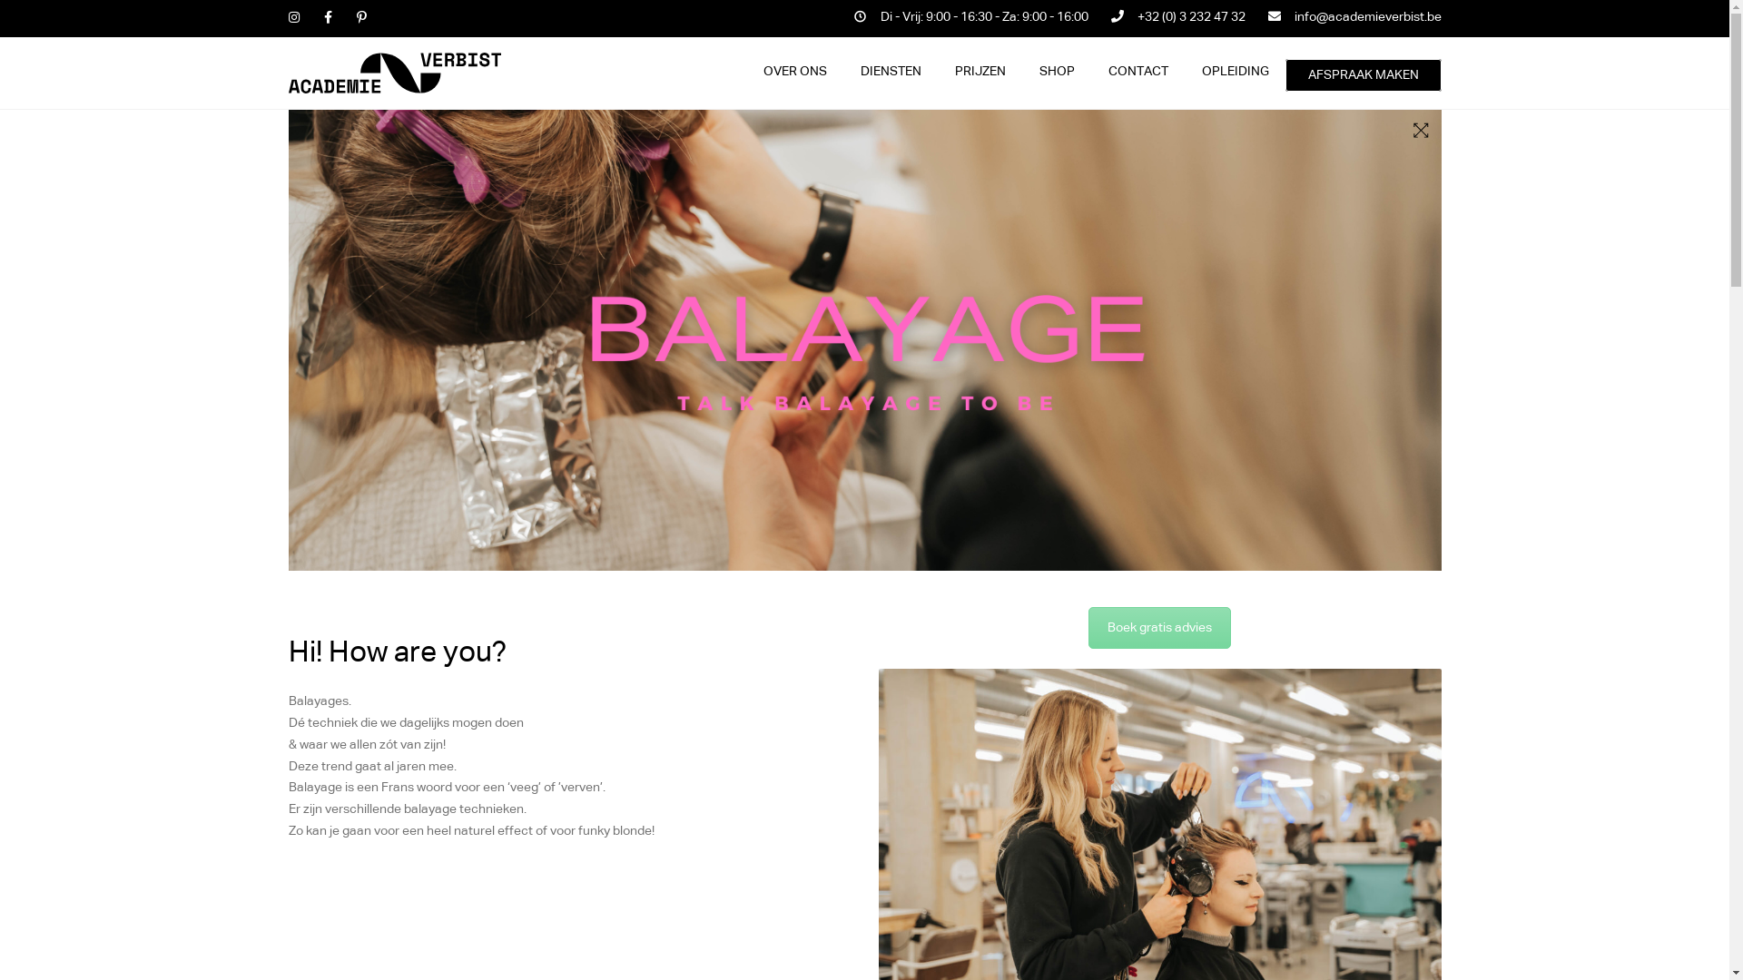 This screenshot has width=1743, height=980. Describe the element at coordinates (1056, 72) in the screenshot. I see `'SHOP'` at that location.